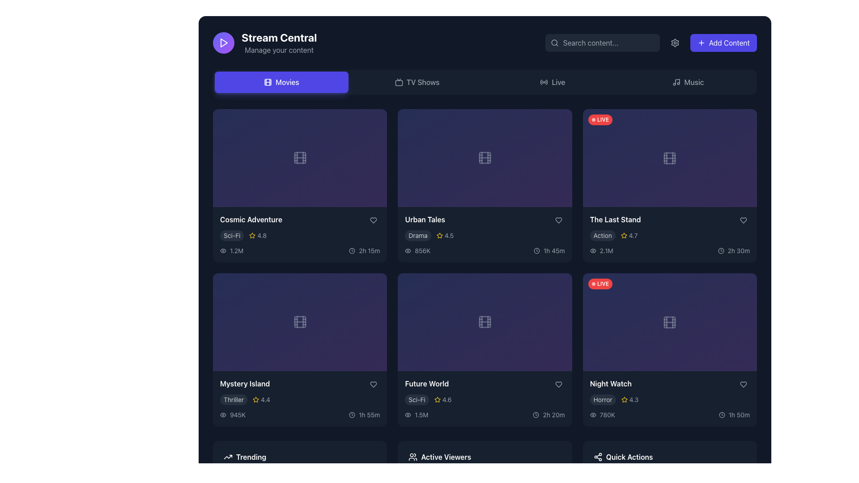 Image resolution: width=859 pixels, height=483 pixels. What do you see at coordinates (364, 415) in the screenshot?
I see `the Label with a time icon displaying '1h 55m' located in the bottom-right corner of the 'Mystery Island' card` at bounding box center [364, 415].